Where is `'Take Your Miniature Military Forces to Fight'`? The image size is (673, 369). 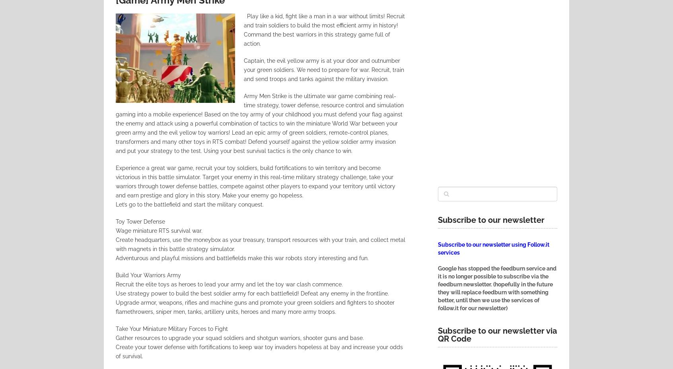
'Take Your Miniature Military Forces to Fight' is located at coordinates (171, 328).